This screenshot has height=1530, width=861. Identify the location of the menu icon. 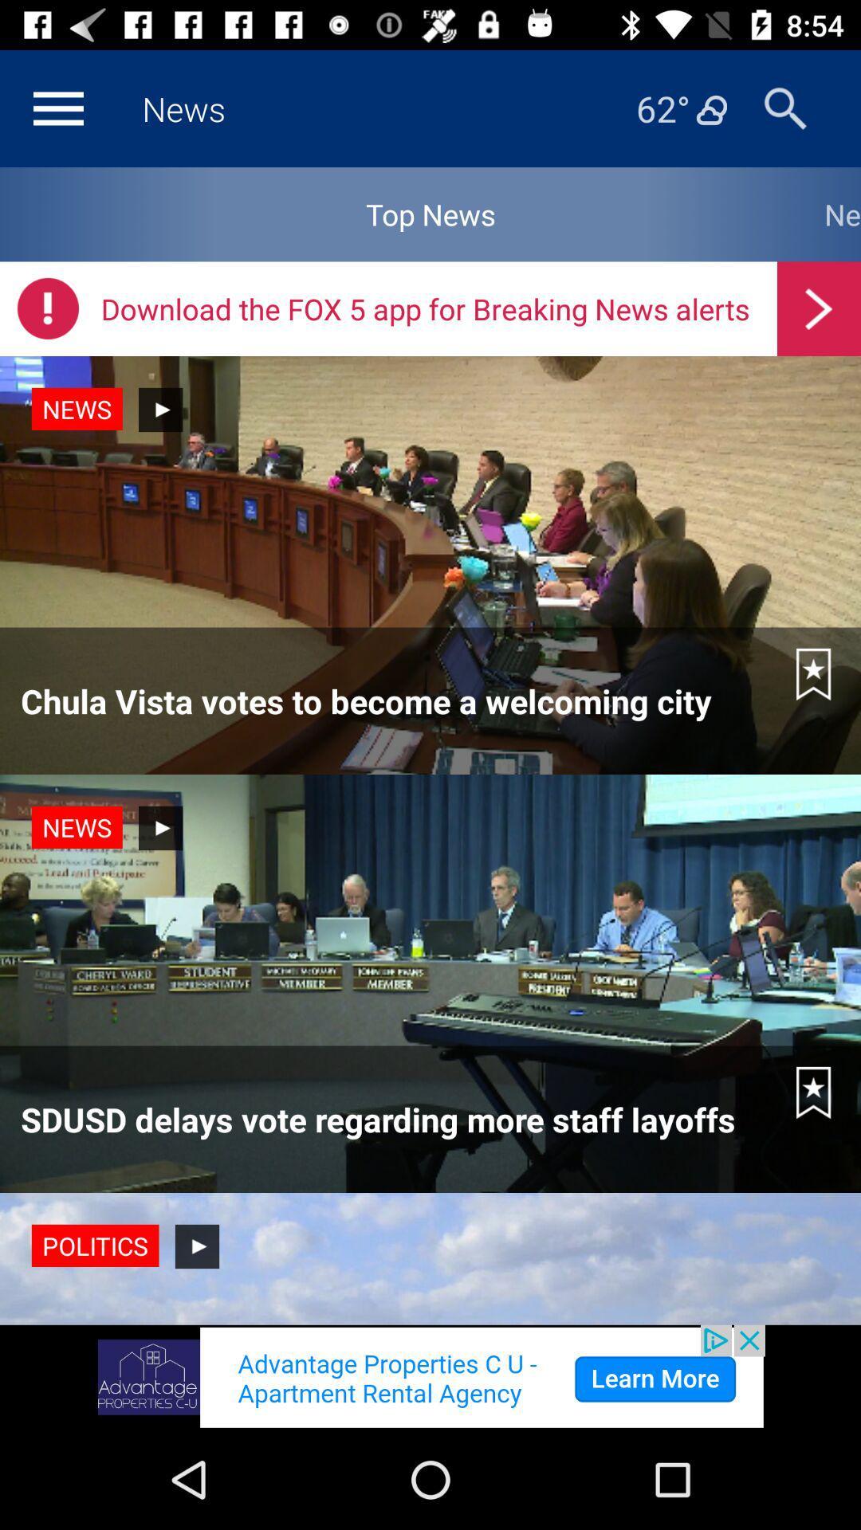
(57, 108).